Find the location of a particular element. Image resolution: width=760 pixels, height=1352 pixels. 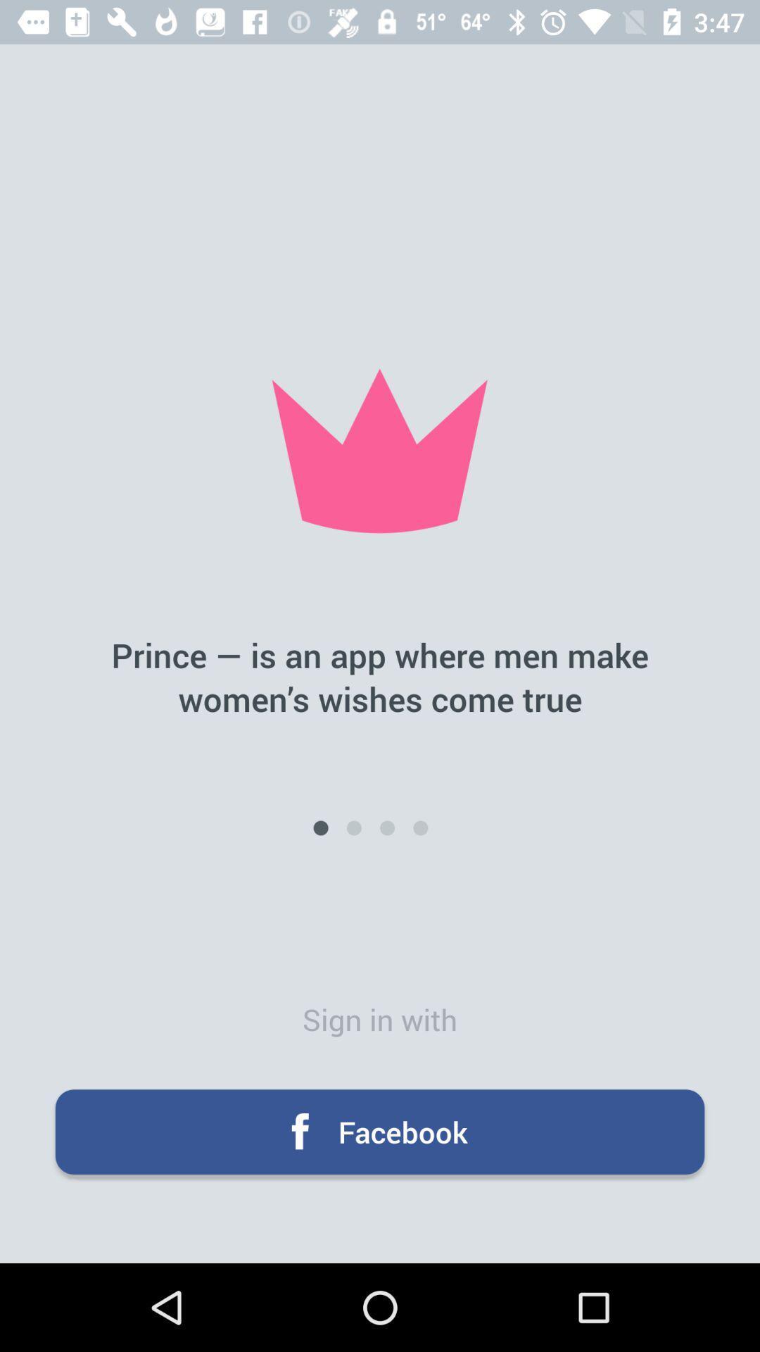

the icon below prince is an is located at coordinates (353, 828).